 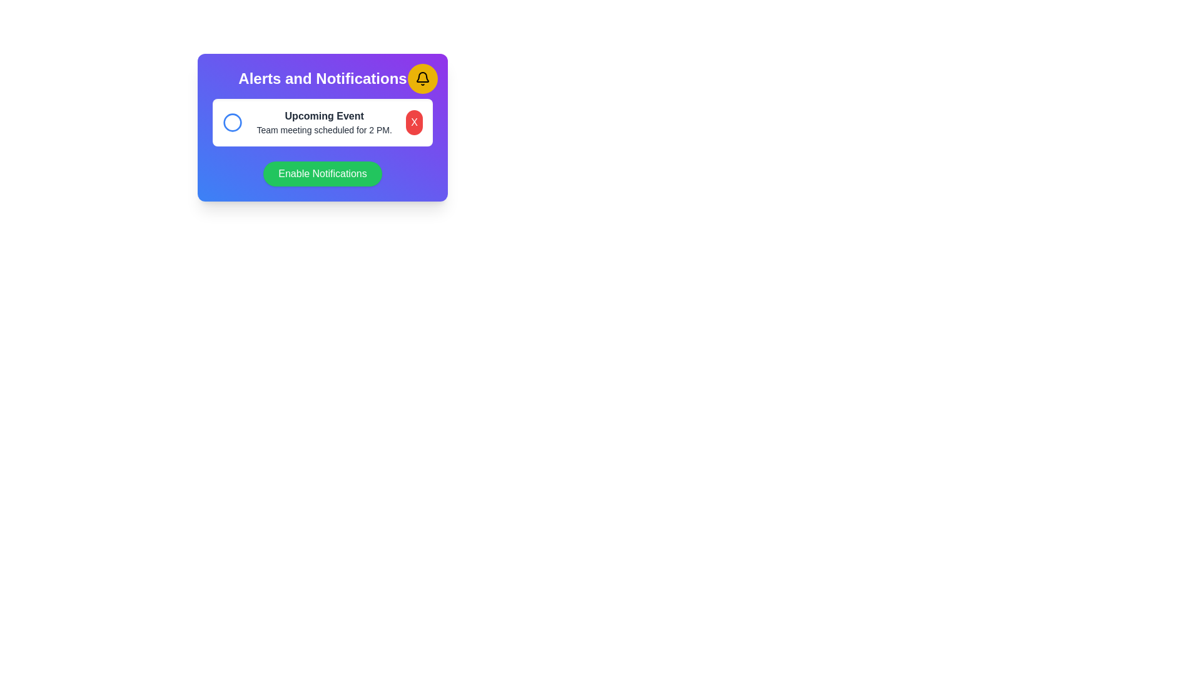 What do you see at coordinates (423, 79) in the screenshot?
I see `the notification bell button located in the top-right corner of the interface` at bounding box center [423, 79].